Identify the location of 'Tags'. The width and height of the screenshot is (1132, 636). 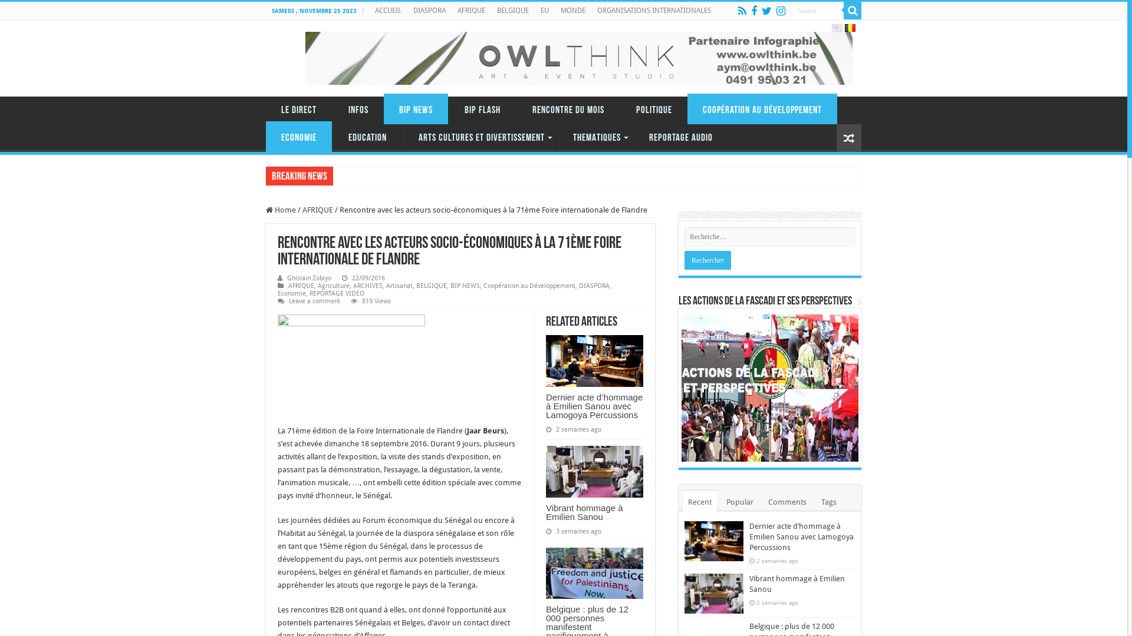
(815, 501).